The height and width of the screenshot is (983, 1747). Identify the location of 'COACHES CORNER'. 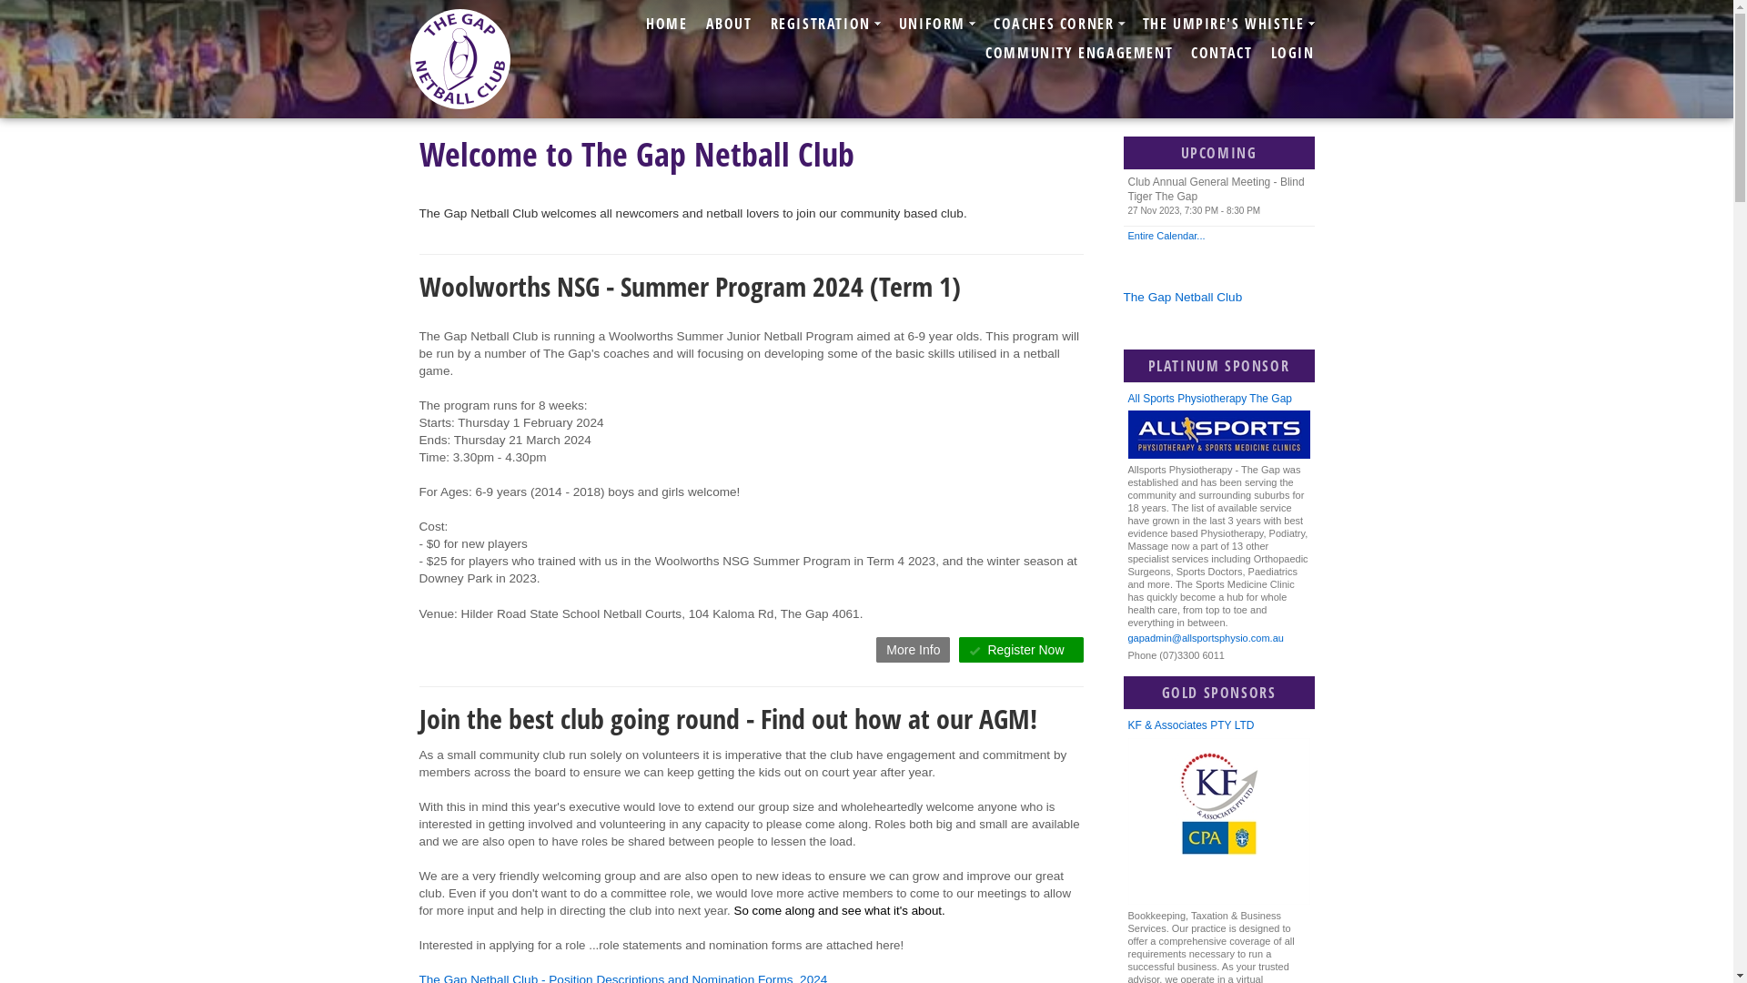
(1058, 24).